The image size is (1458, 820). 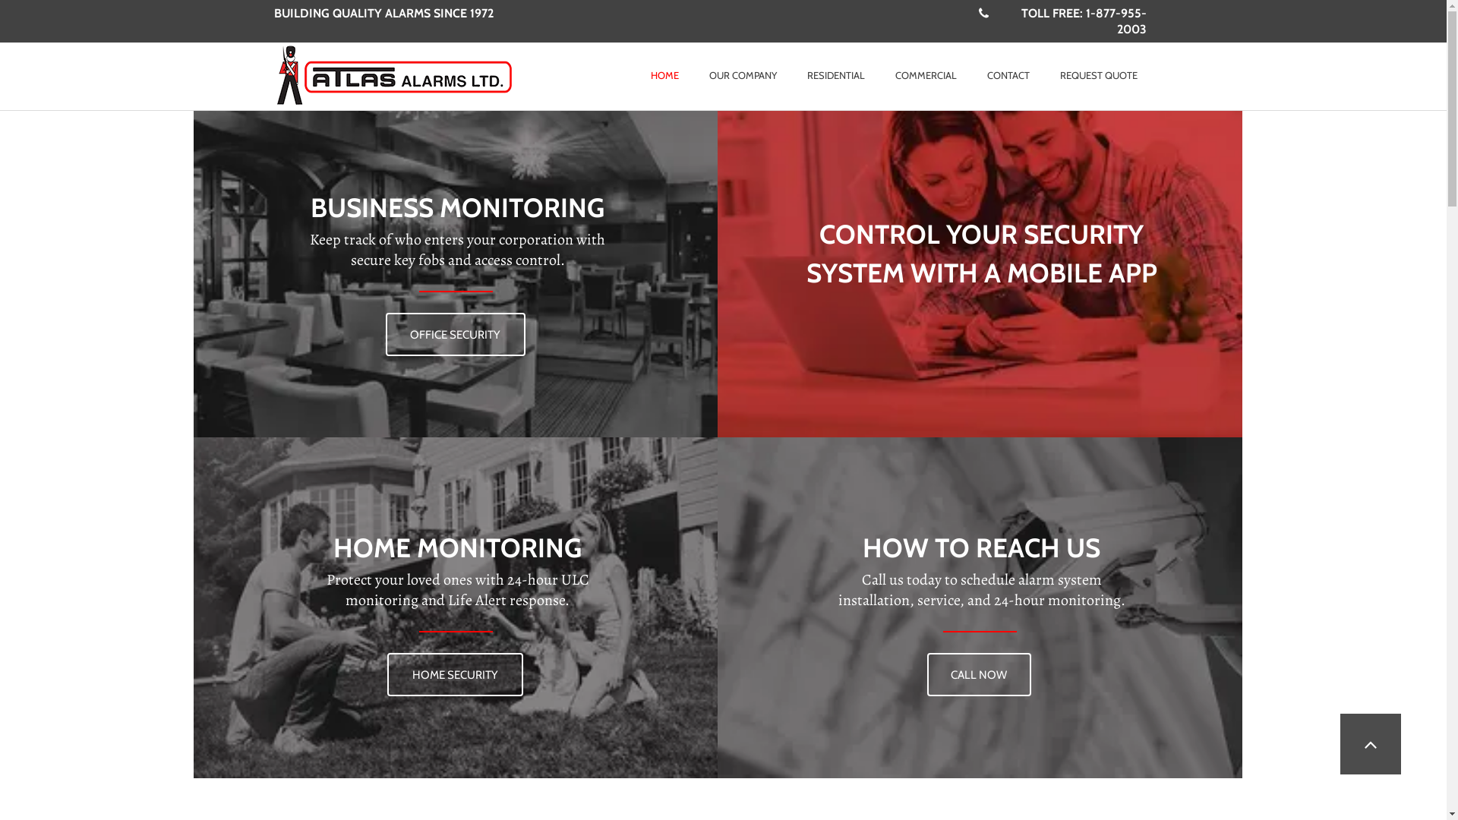 I want to click on 'OFFICE SECURITY', so click(x=455, y=333).